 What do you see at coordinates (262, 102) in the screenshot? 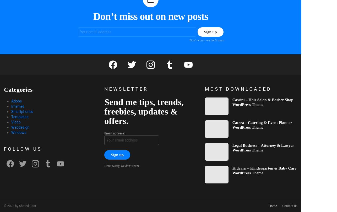
I see `'Cassini – Hair Salon & Barber Shop WordPress Theme'` at bounding box center [262, 102].